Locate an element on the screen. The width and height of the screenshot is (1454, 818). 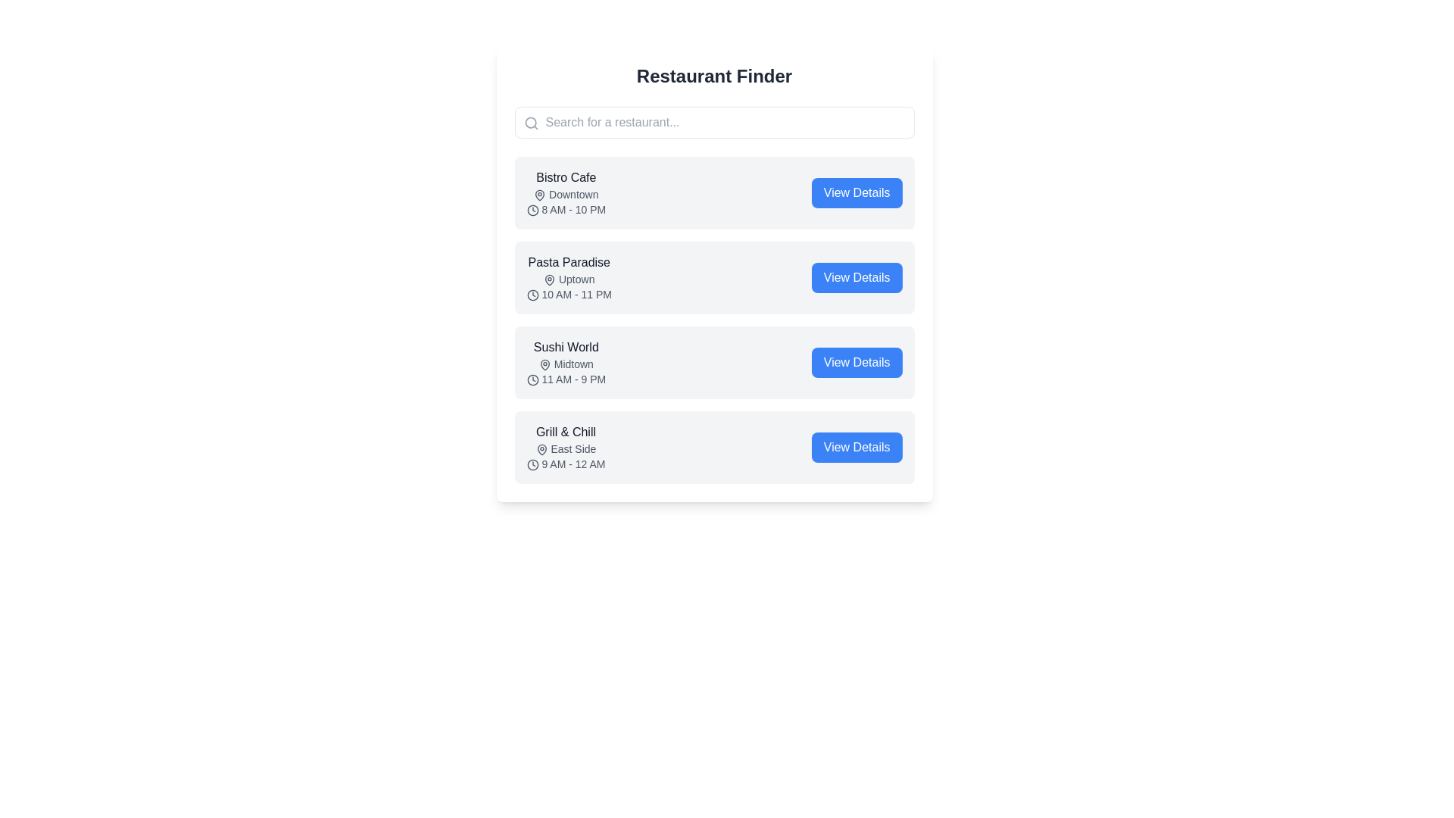
the circular element that is part of the magnifying glass icon in the search bar, which is aligned with the placeholder text 'Search for a restaurant...' is located at coordinates (530, 122).